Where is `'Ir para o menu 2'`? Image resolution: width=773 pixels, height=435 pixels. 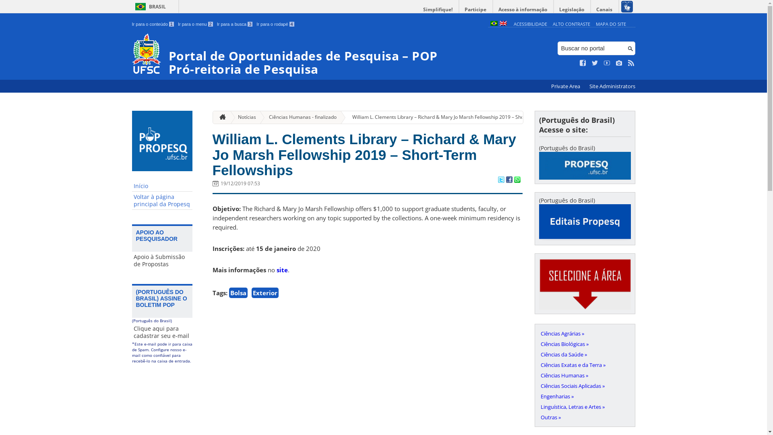
'Ir para o menu 2' is located at coordinates (195, 24).